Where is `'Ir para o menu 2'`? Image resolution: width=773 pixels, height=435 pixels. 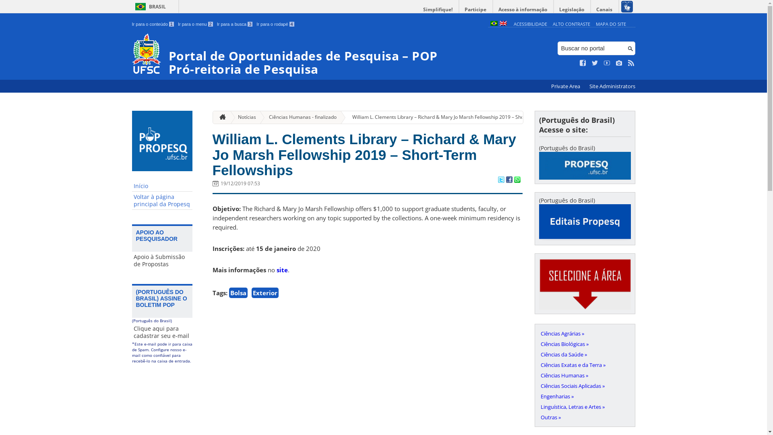
'Ir para o menu 2' is located at coordinates (195, 24).